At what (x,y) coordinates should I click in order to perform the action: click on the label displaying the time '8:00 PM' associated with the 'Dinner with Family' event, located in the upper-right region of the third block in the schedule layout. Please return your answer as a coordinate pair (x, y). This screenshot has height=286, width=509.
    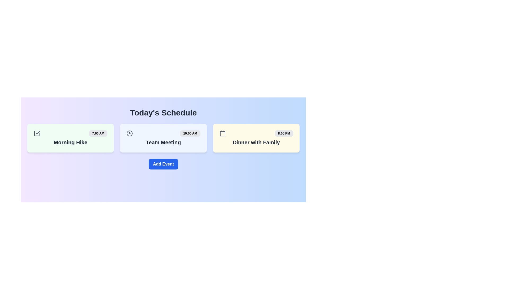
    Looking at the image, I should click on (284, 133).